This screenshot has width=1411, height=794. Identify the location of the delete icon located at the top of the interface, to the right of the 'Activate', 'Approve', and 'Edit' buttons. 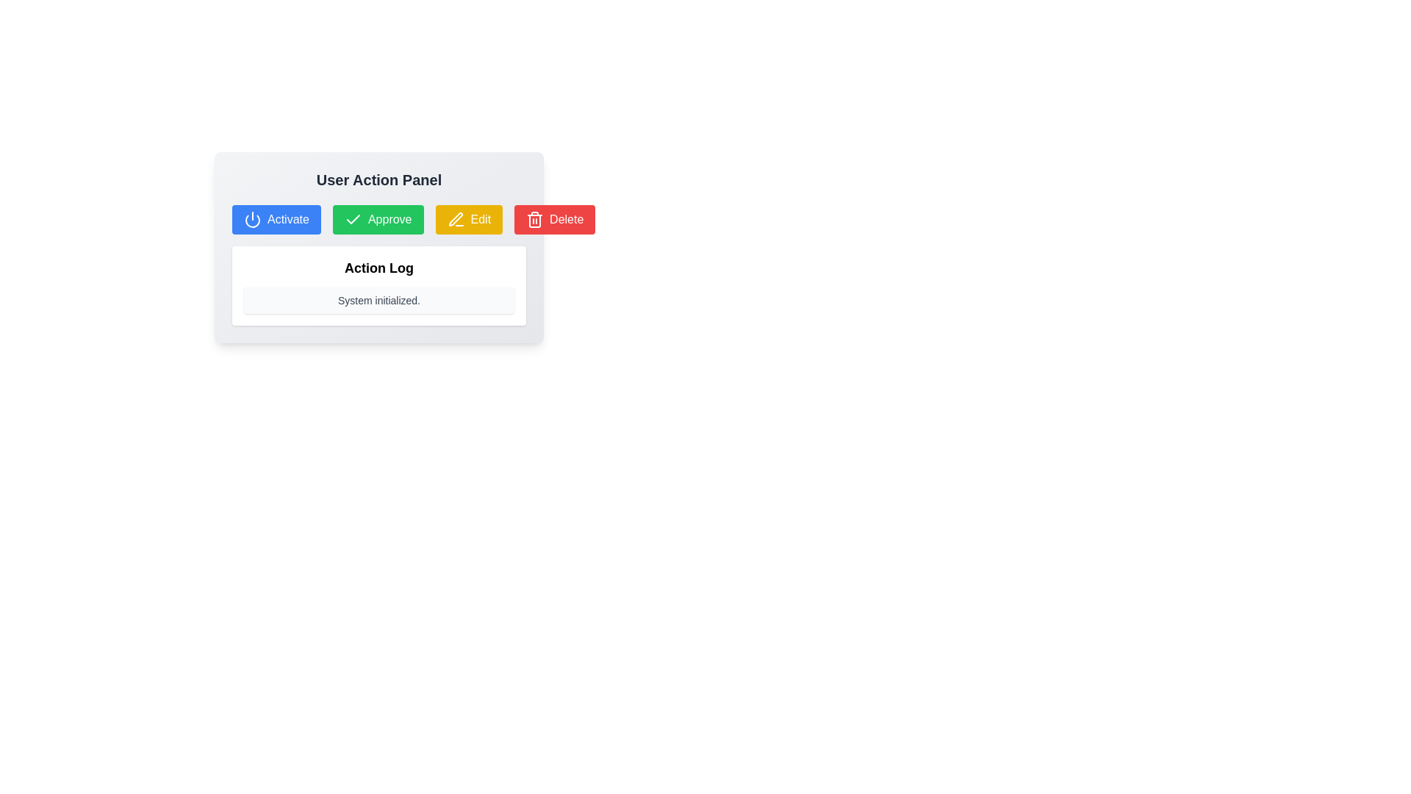
(534, 220).